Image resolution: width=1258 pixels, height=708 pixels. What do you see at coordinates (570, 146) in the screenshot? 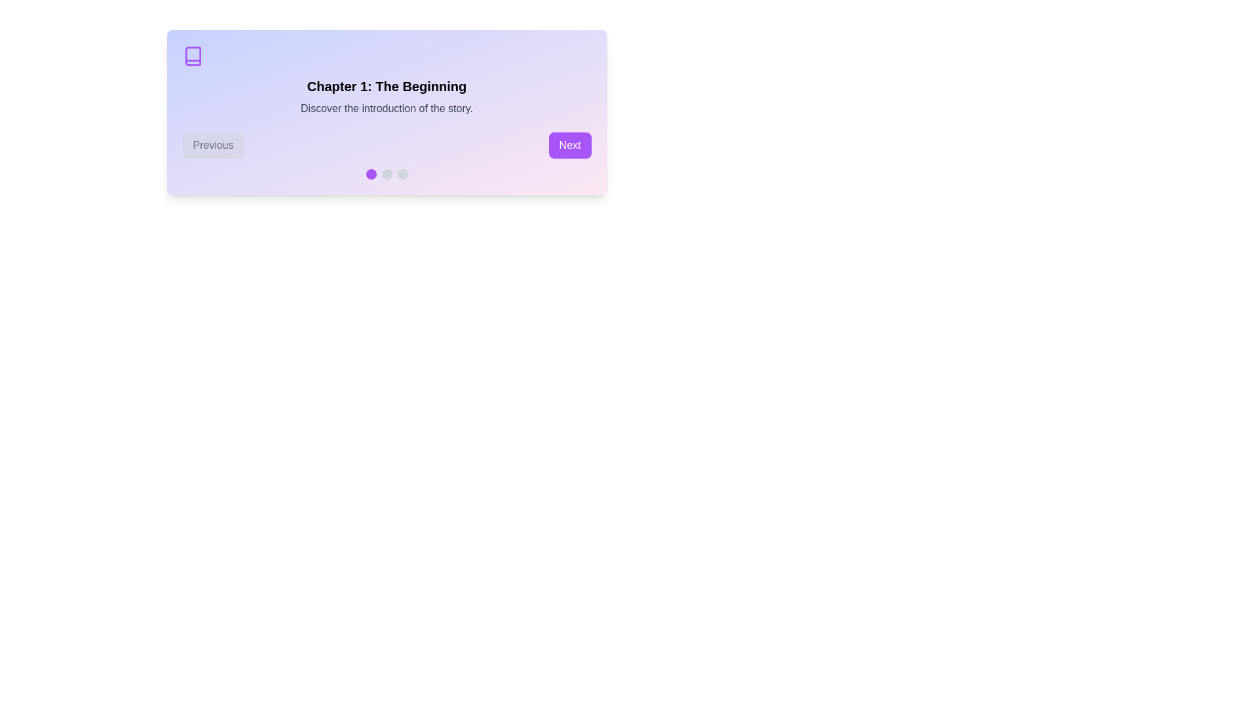
I see `Next button to navigate chapters` at bounding box center [570, 146].